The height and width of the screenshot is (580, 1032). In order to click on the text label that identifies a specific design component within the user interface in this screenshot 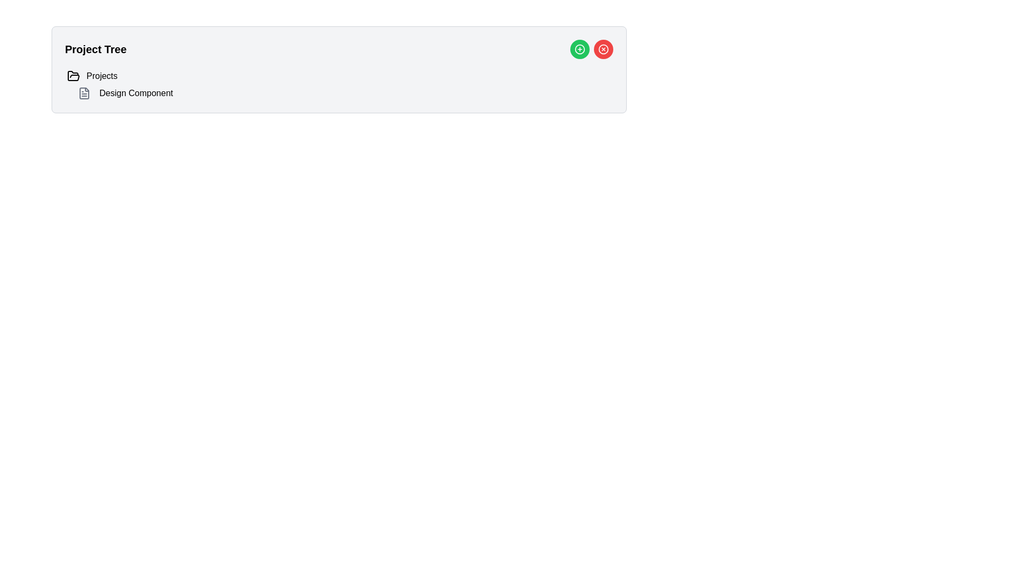, I will do `click(135, 92)`.